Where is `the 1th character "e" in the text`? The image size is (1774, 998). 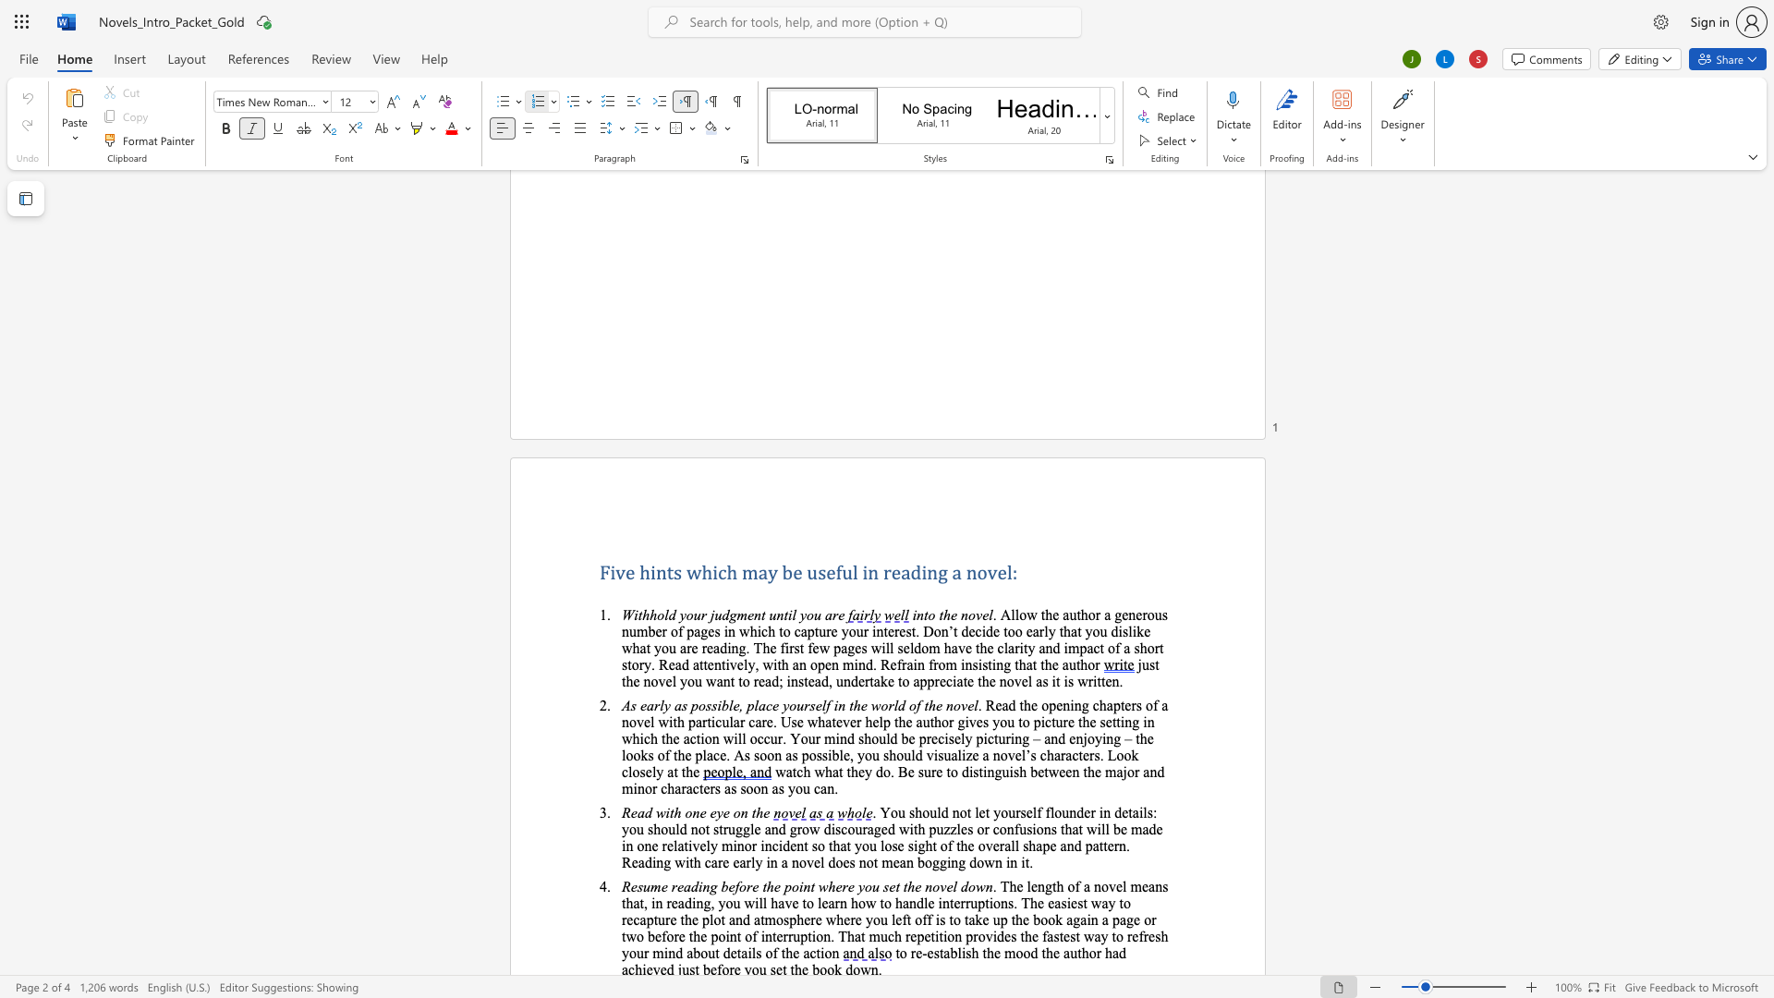
the 1th character "e" in the text is located at coordinates (630, 571).